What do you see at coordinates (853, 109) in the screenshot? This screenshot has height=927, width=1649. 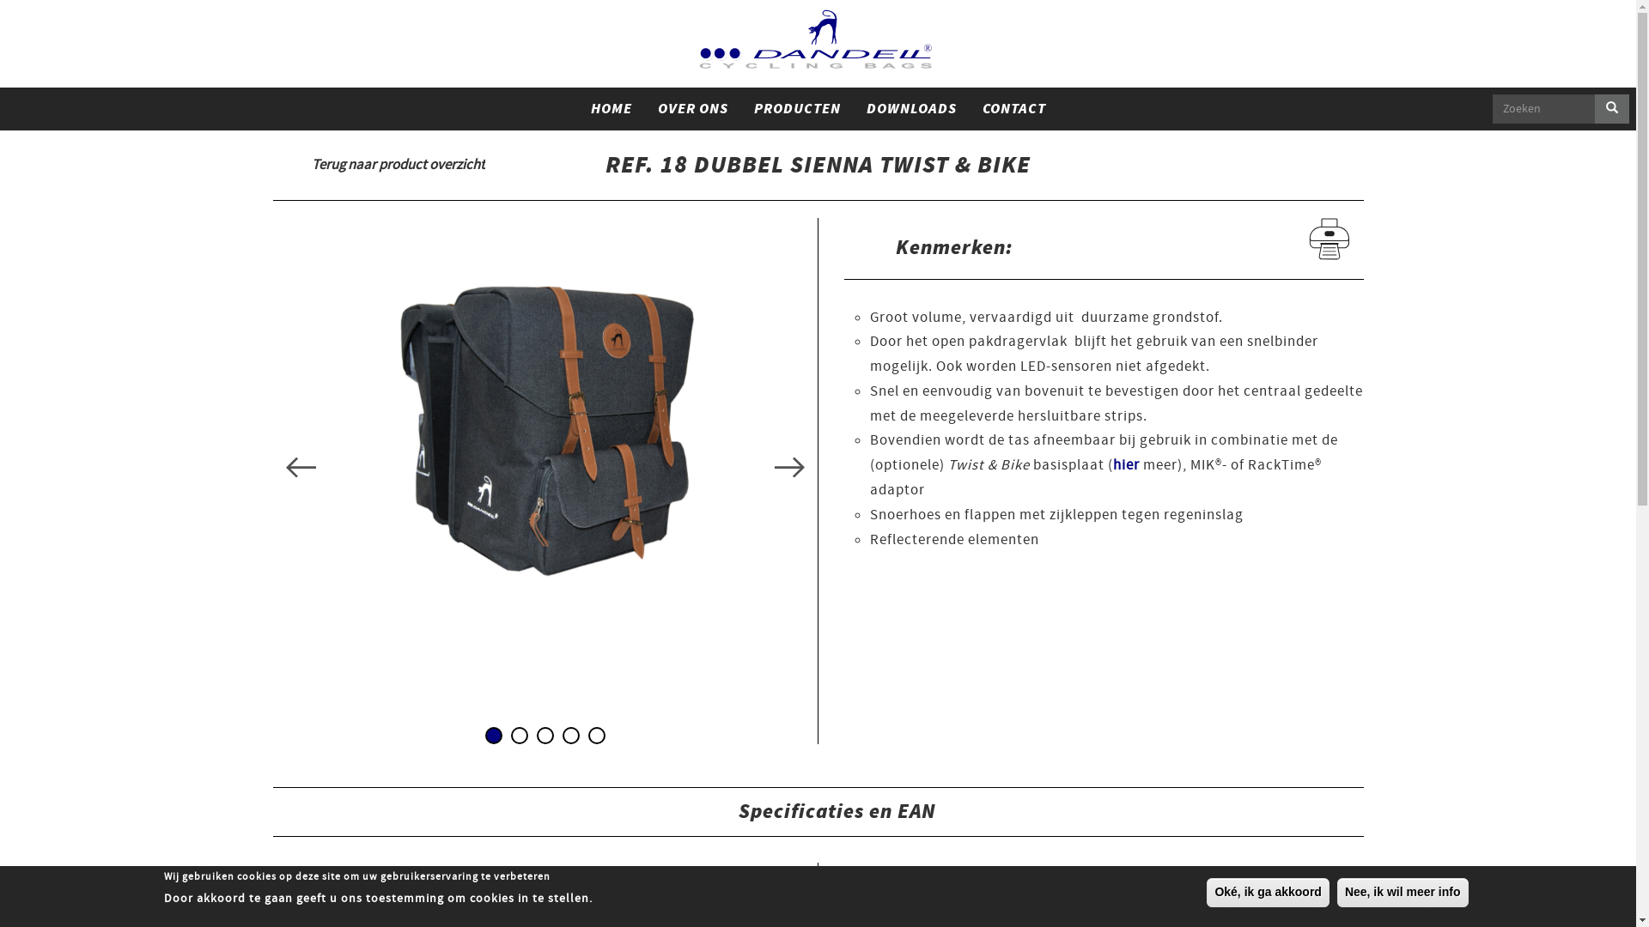 I see `'DOWNLOADS'` at bounding box center [853, 109].